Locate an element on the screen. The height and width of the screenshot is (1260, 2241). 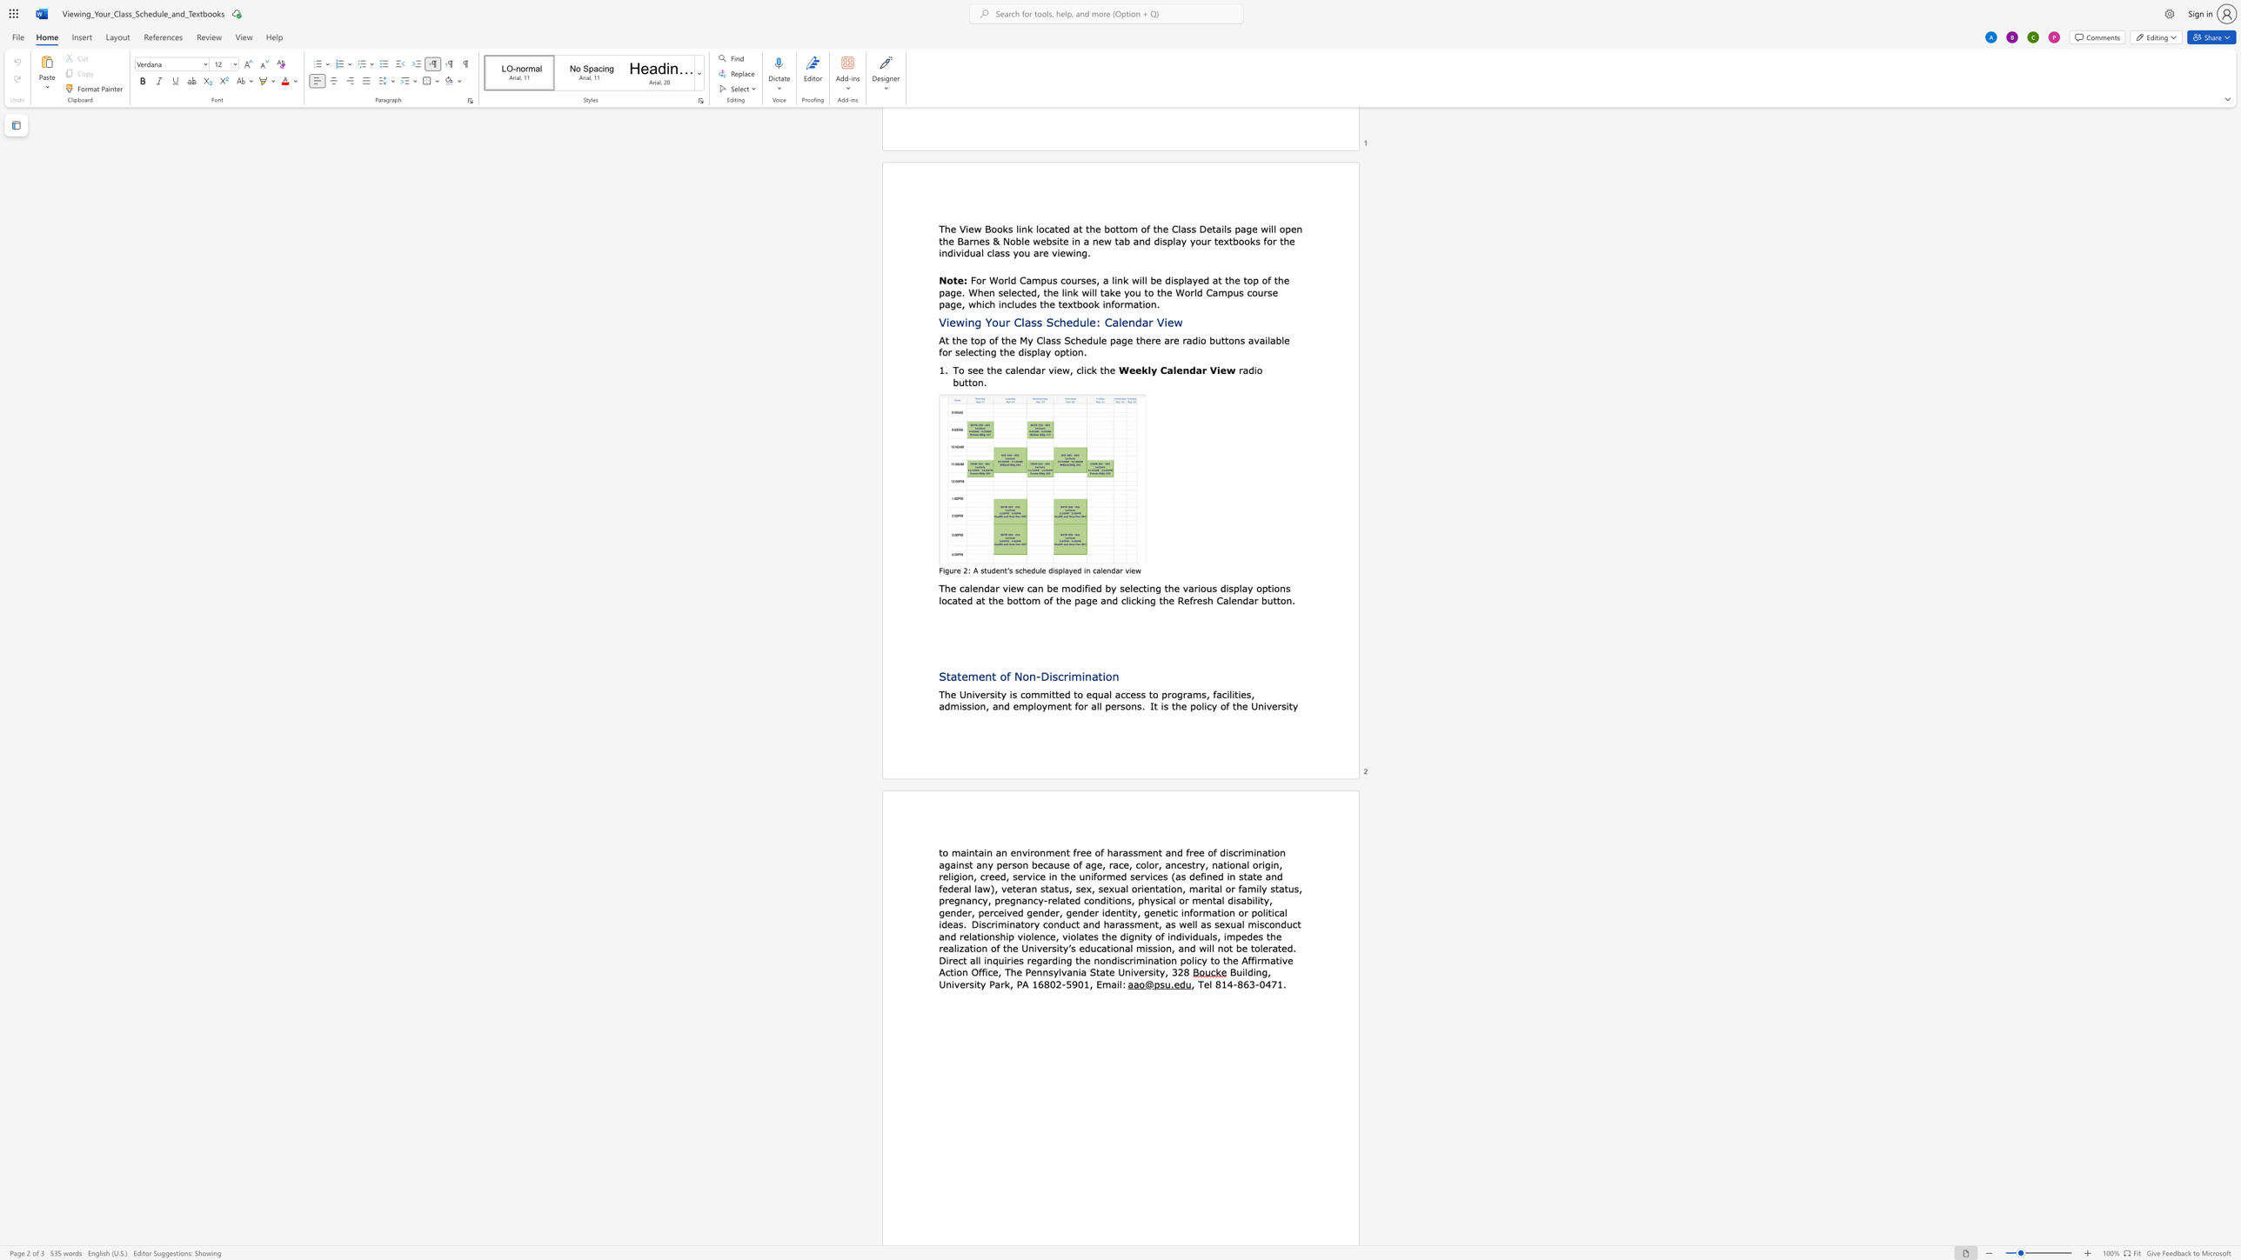
the 1th character "N" in the text is located at coordinates (1017, 675).